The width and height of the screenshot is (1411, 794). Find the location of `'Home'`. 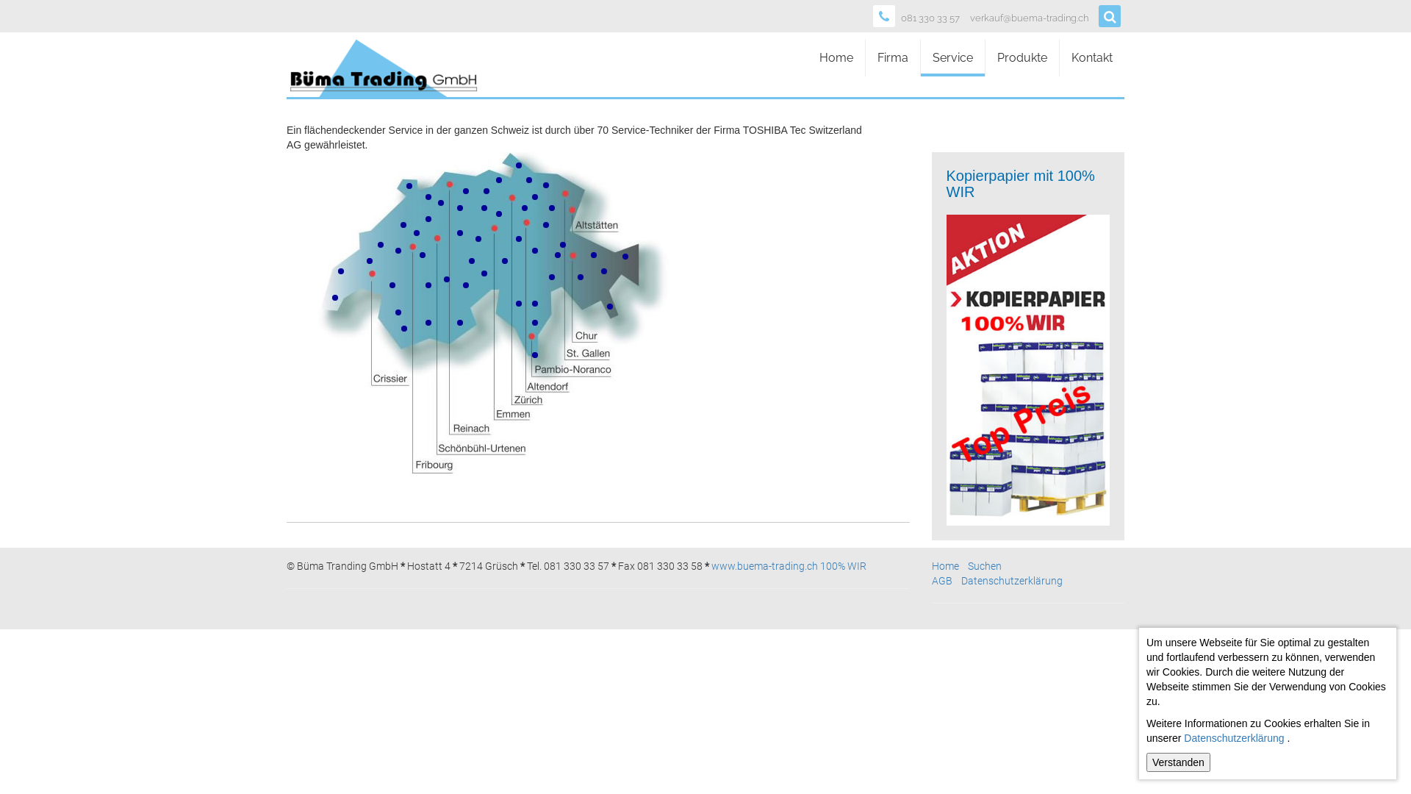

'Home' is located at coordinates (945, 565).